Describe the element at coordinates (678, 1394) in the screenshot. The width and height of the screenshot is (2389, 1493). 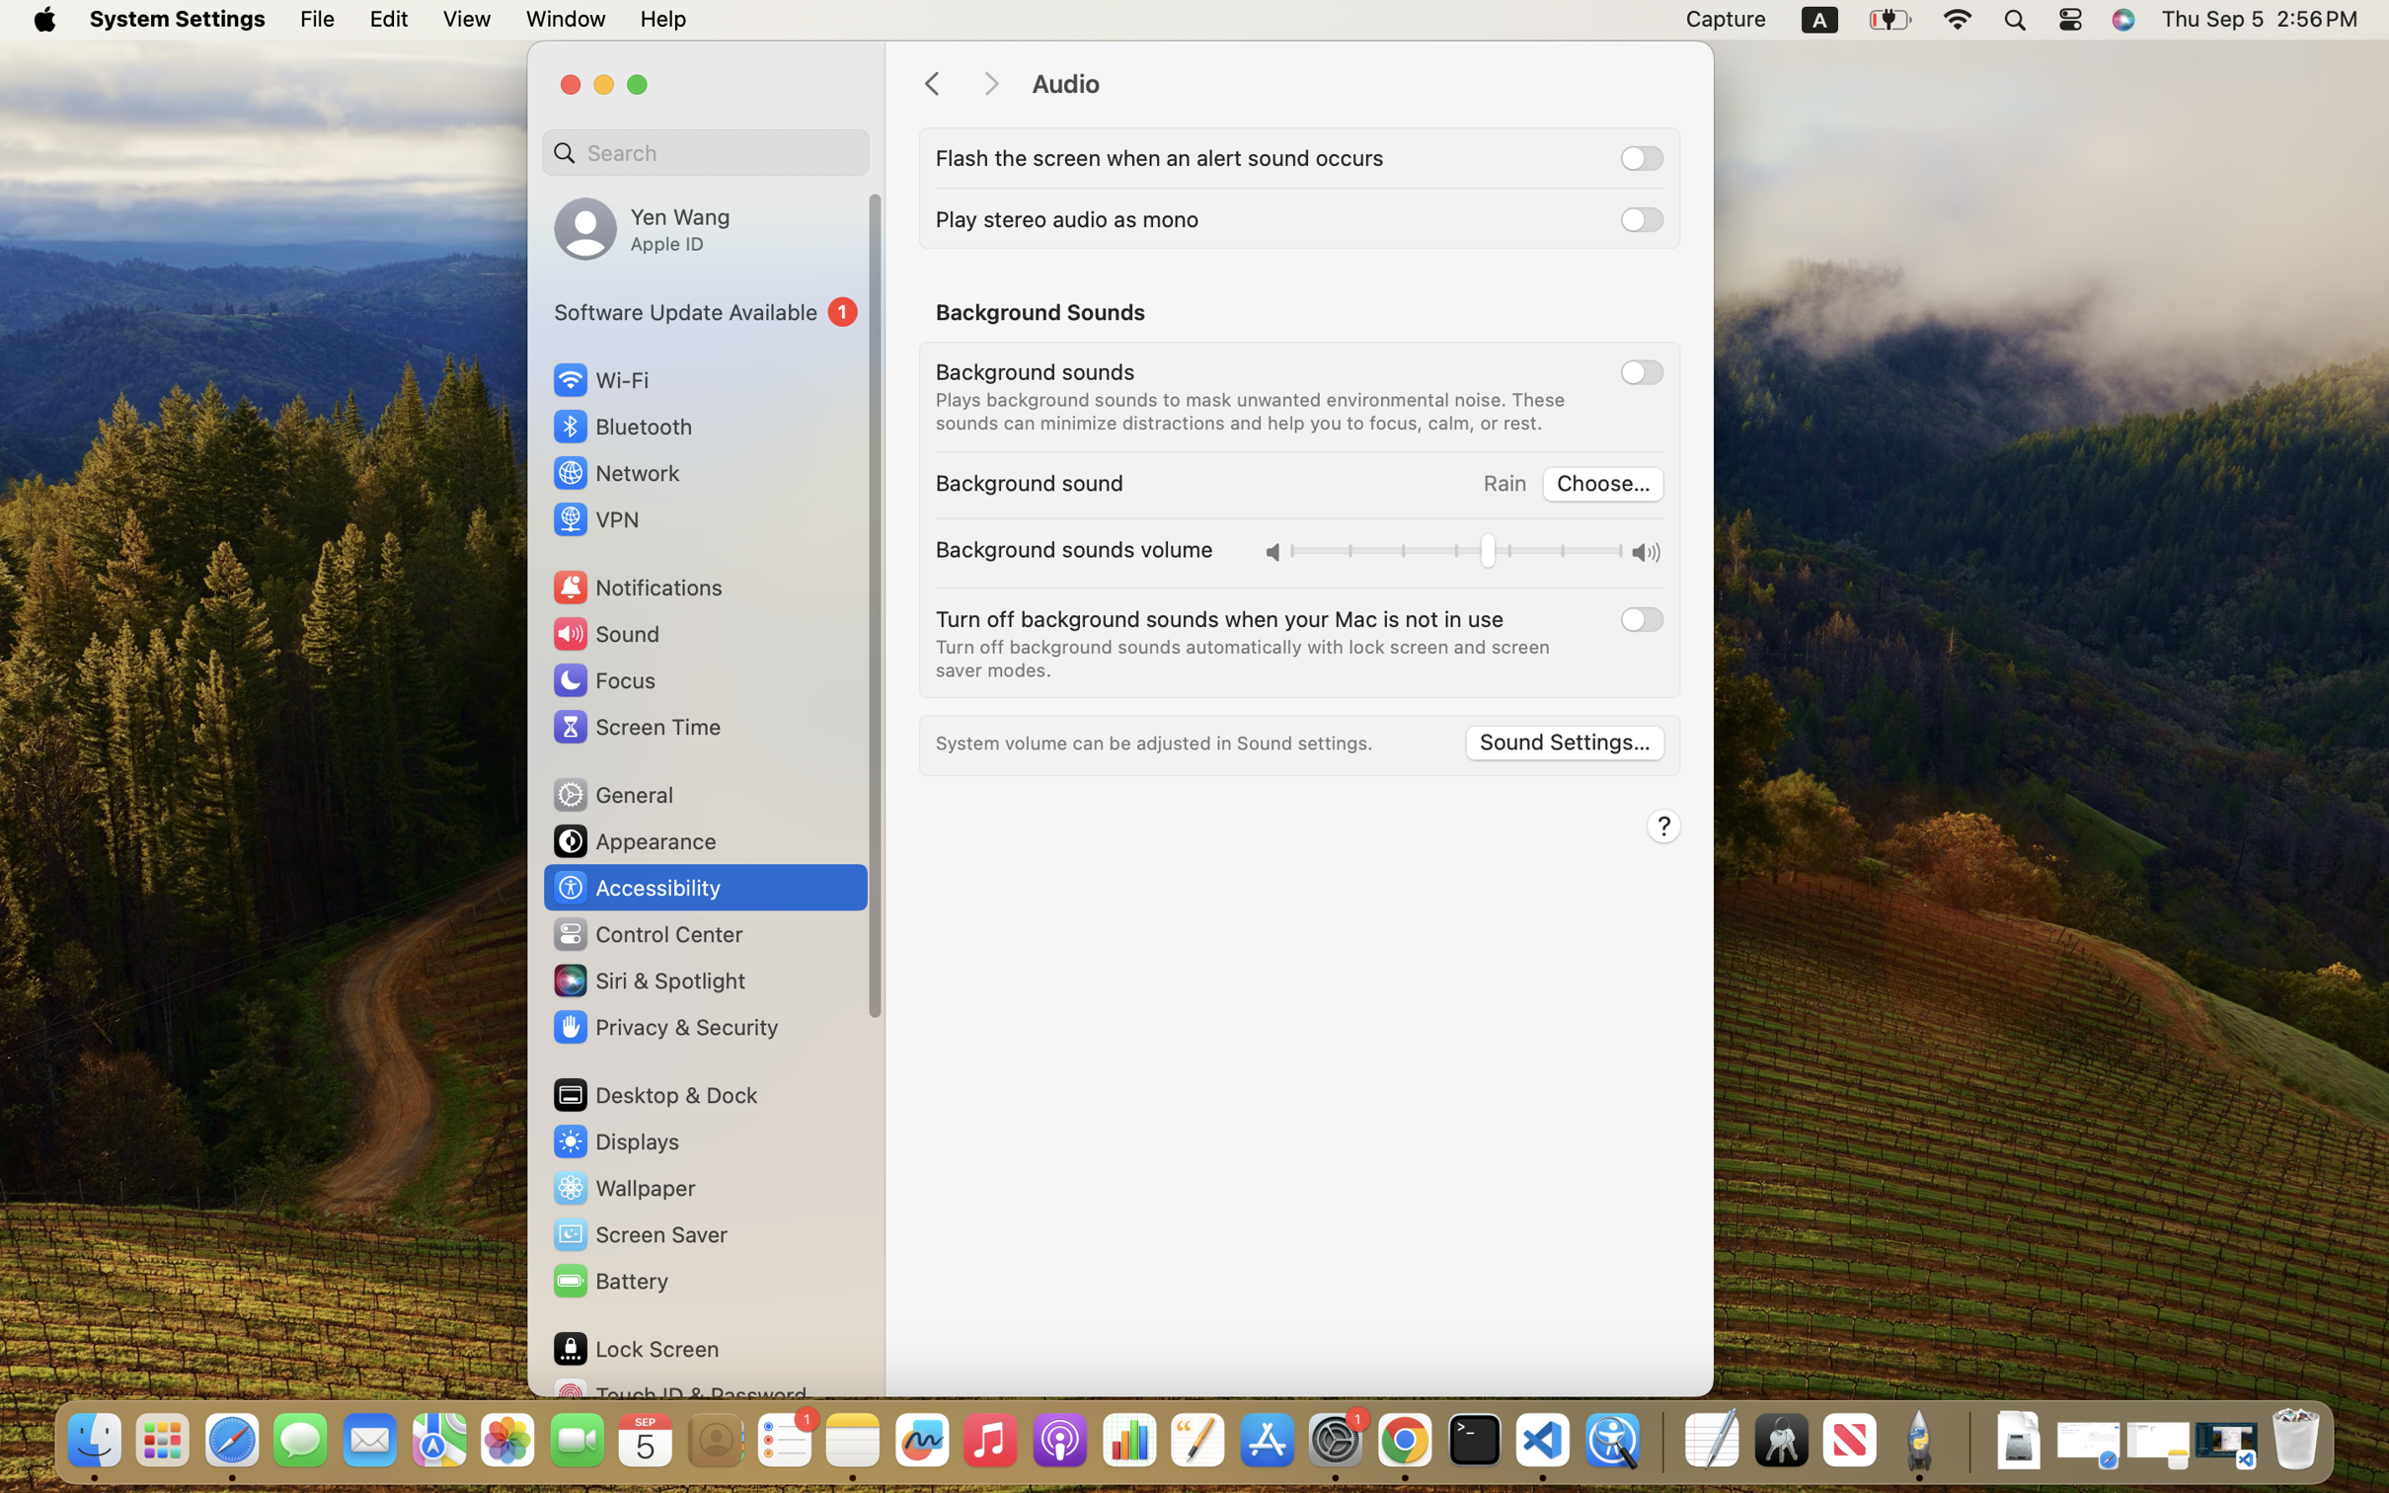
I see `'Touch ID & Password'` at that location.